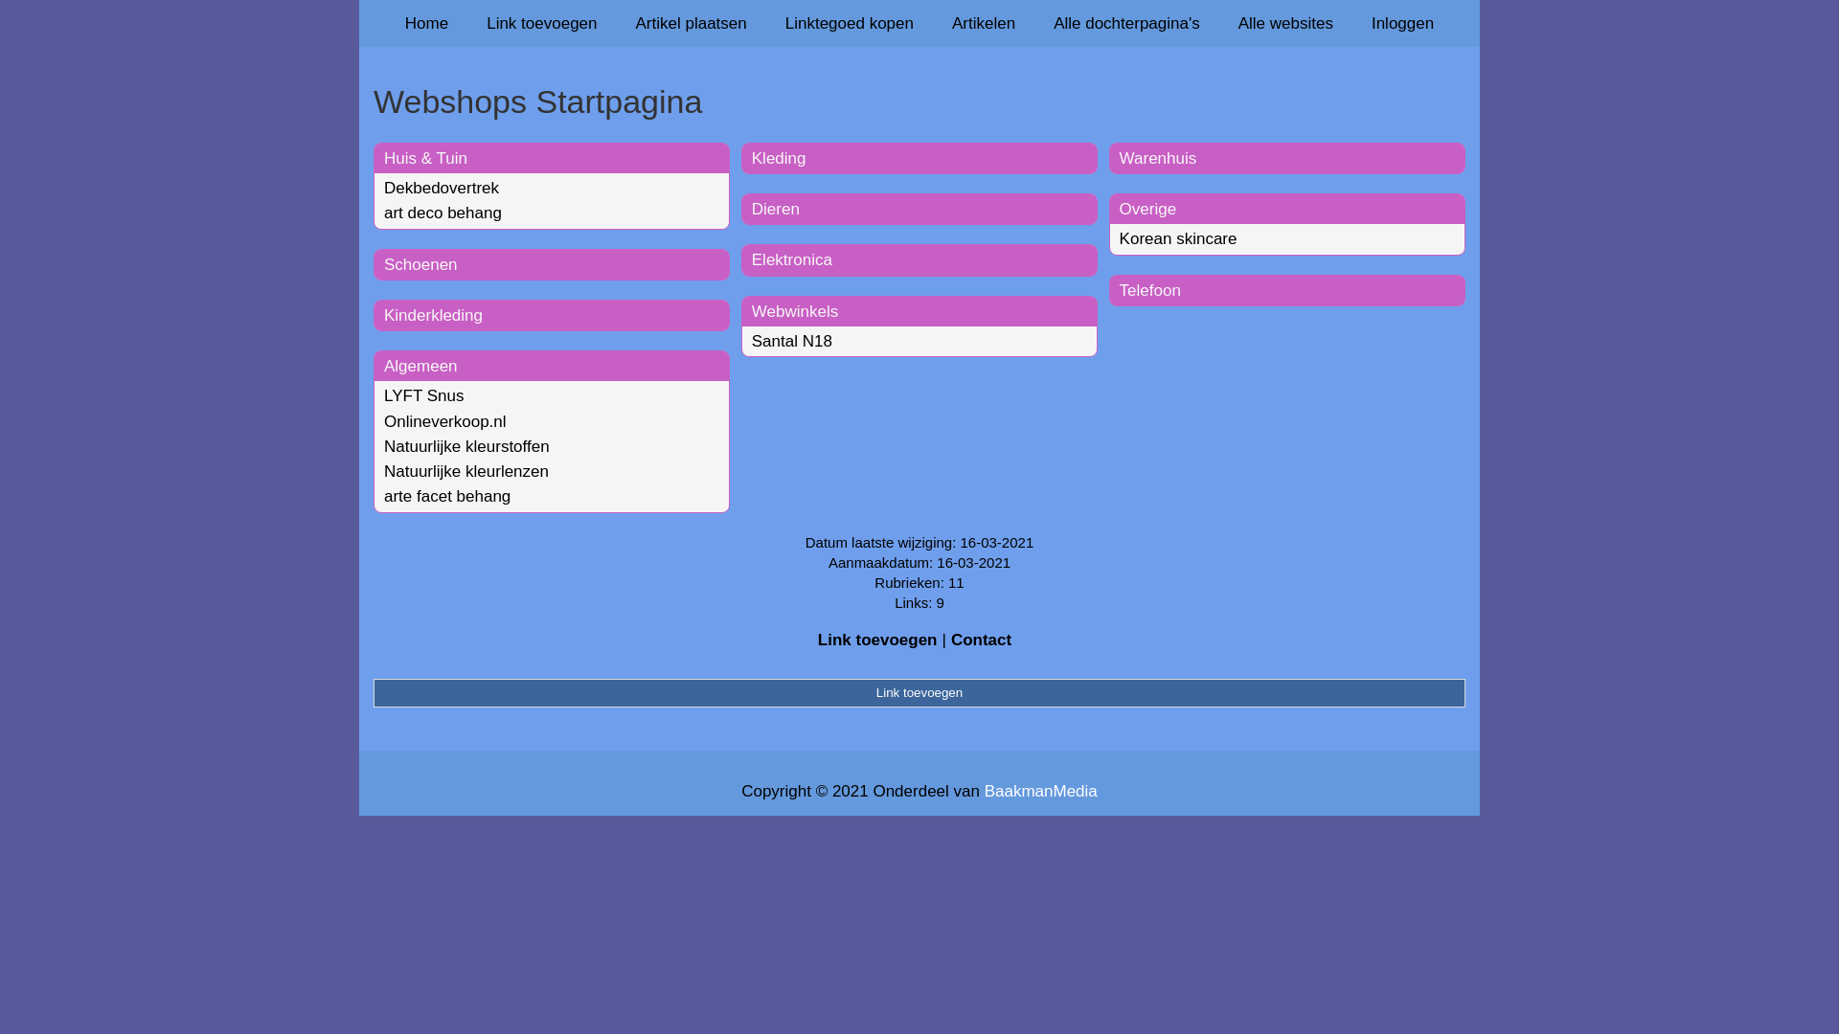 This screenshot has height=1034, width=1839. Describe the element at coordinates (1033, 23) in the screenshot. I see `'Alle dochterpagina's'` at that location.